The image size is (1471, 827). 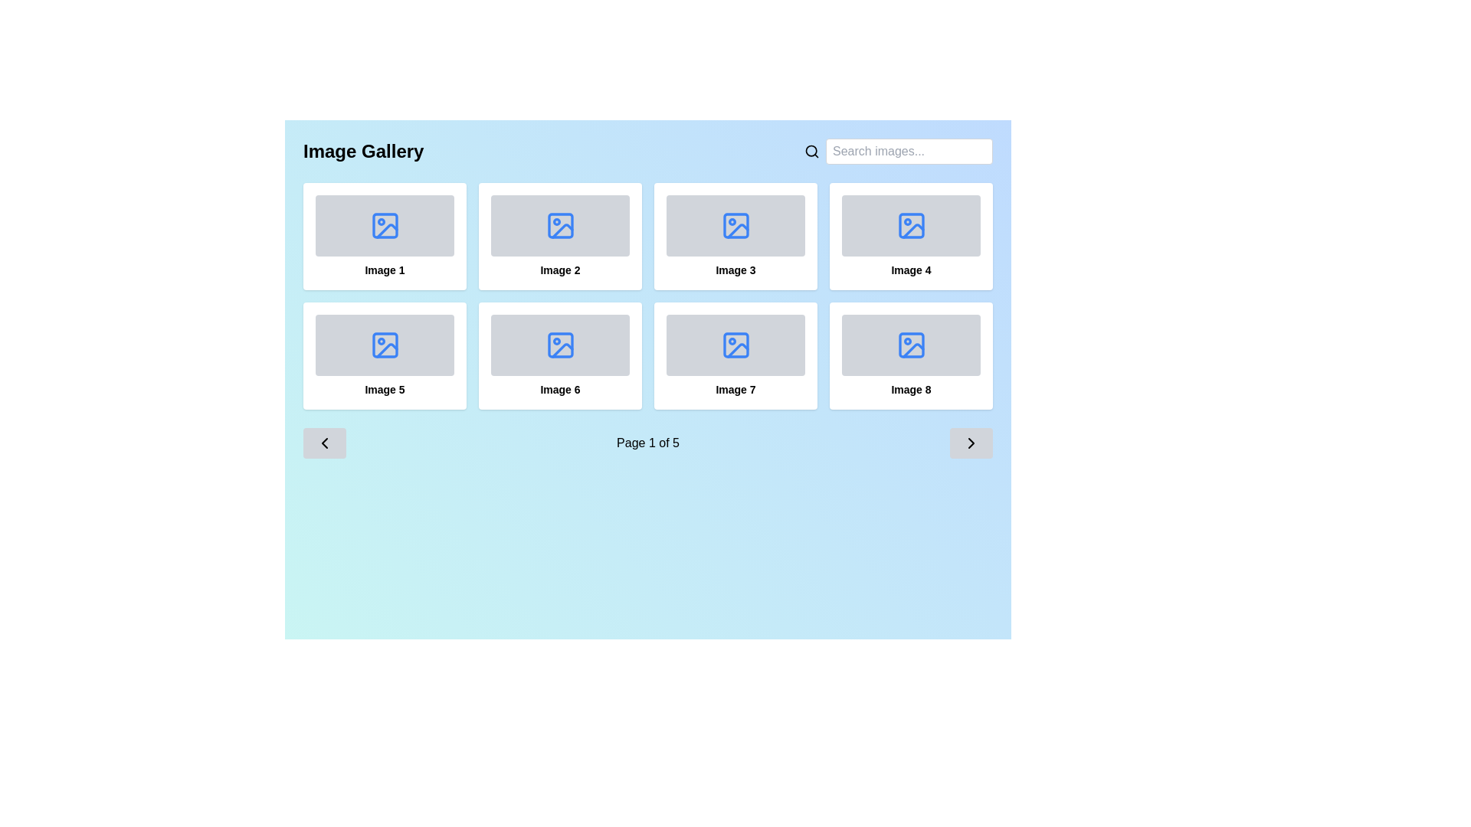 What do you see at coordinates (735, 236) in the screenshot?
I see `the clickable card or selection item that features a gray placeholder area with a blue image icon and the text 'Image 3' in bold black font, located in the third column of the first row of a 2x4 grid layout` at bounding box center [735, 236].